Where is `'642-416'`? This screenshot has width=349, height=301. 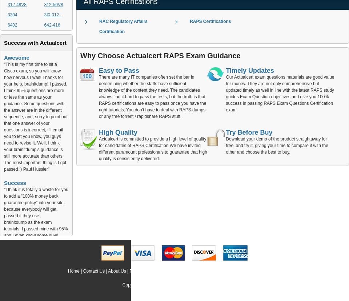
'642-416' is located at coordinates (52, 25).